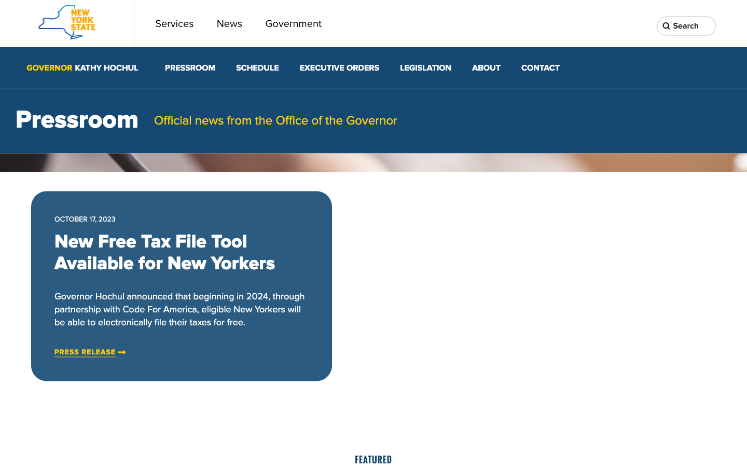 This screenshot has height=467, width=747. What do you see at coordinates (81, 68) in the screenshot?
I see `Governor Kathy Hochul"s website` at bounding box center [81, 68].